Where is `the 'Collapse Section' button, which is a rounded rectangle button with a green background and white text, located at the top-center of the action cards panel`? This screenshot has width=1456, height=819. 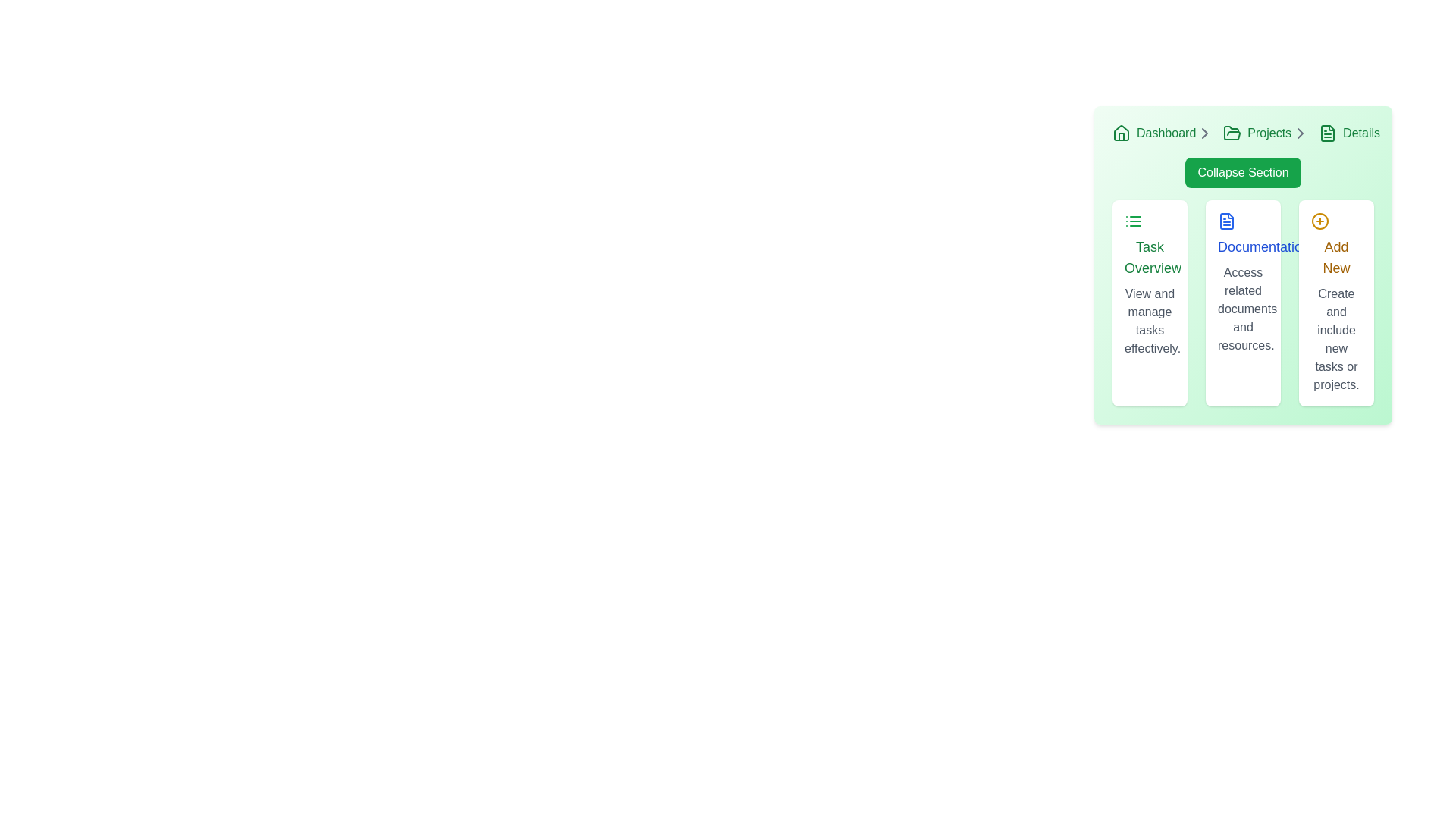 the 'Collapse Section' button, which is a rounded rectangle button with a green background and white text, located at the top-center of the action cards panel is located at coordinates (1243, 171).